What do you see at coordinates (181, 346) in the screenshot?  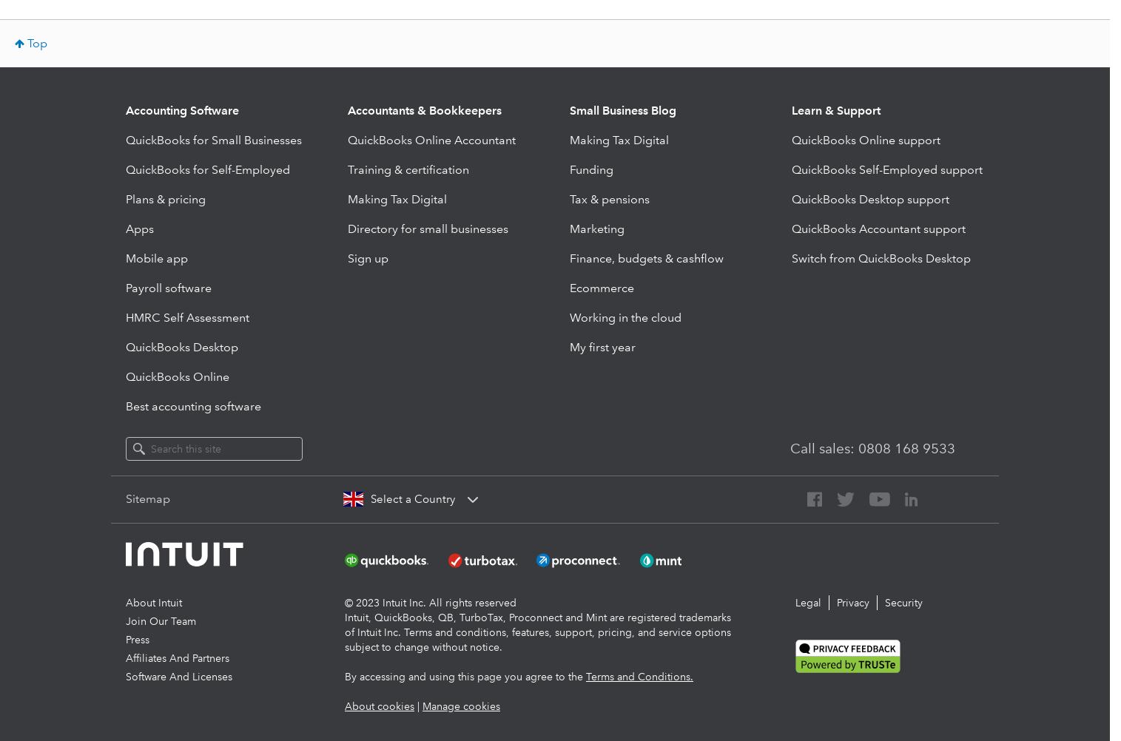 I see `'QuickBooks Desktop'` at bounding box center [181, 346].